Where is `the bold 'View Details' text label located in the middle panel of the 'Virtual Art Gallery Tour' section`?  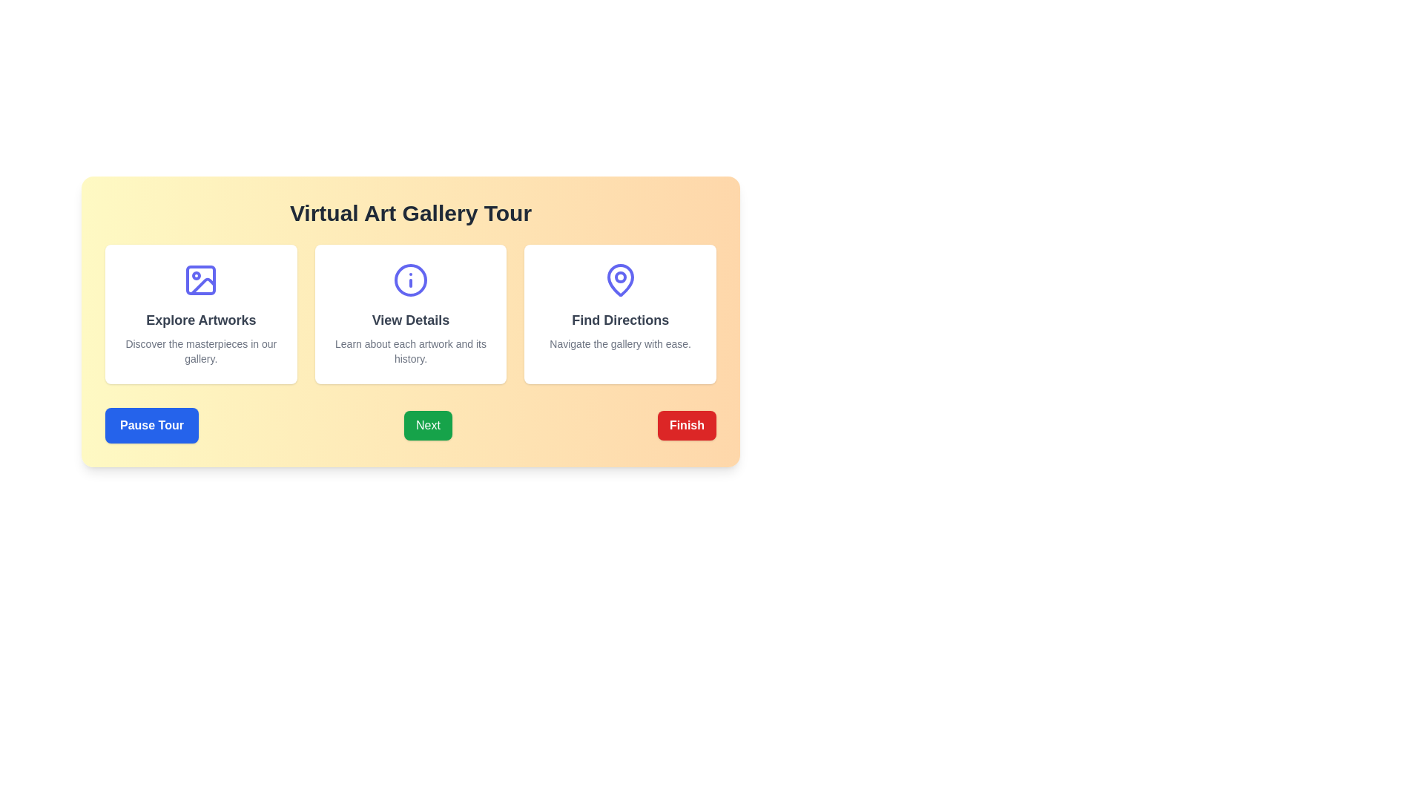 the bold 'View Details' text label located in the middle panel of the 'Virtual Art Gallery Tour' section is located at coordinates (410, 320).